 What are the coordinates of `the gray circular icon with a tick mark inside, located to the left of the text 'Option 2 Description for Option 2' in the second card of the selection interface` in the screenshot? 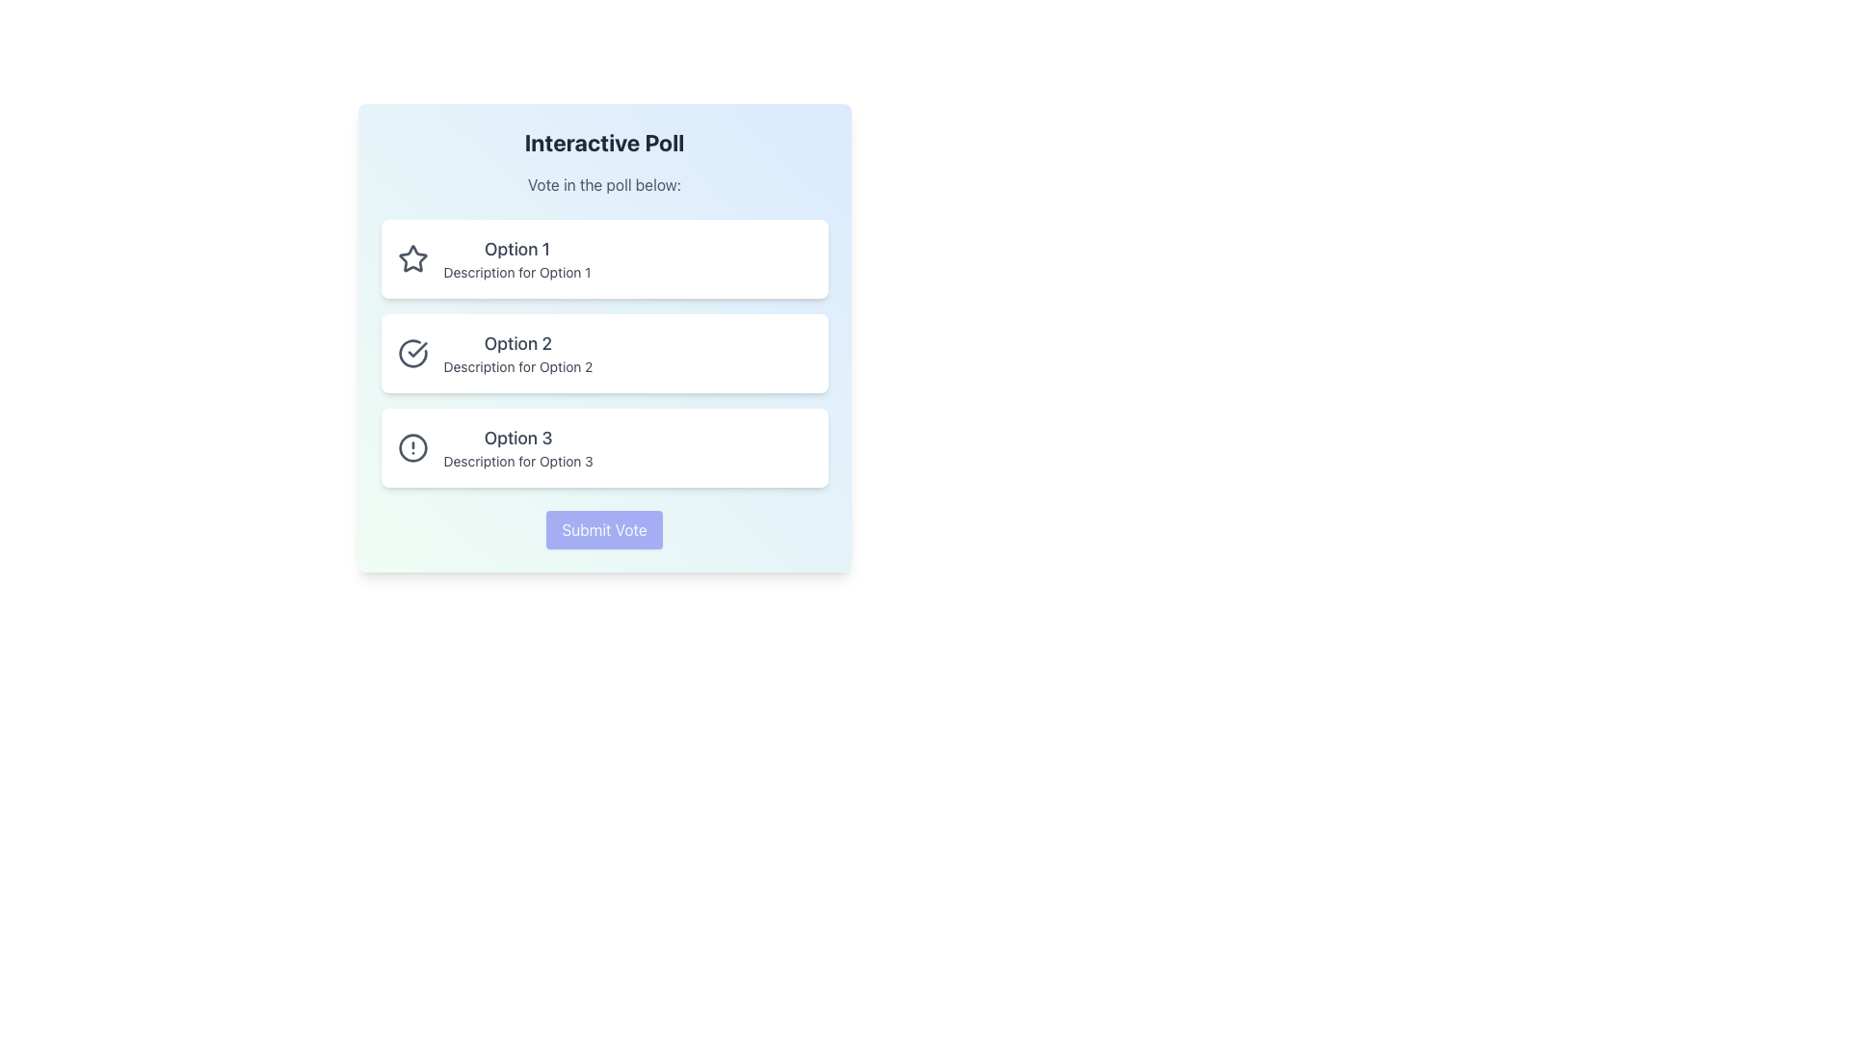 It's located at (411, 353).